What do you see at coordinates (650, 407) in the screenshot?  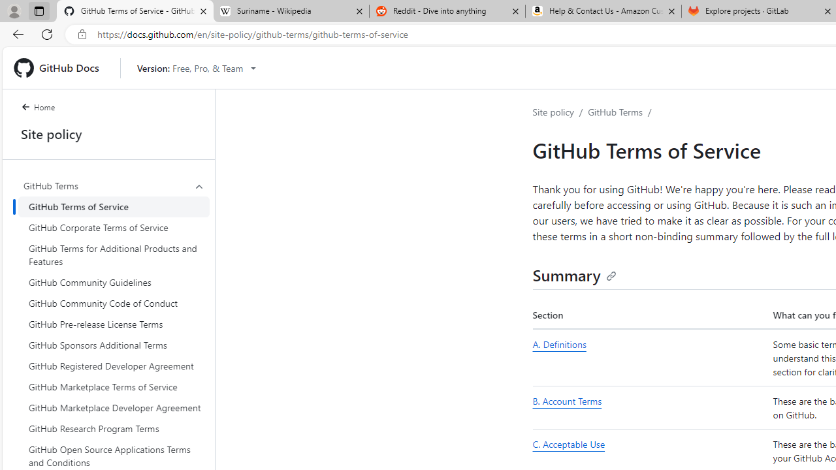 I see `'B. Account Terms'` at bounding box center [650, 407].